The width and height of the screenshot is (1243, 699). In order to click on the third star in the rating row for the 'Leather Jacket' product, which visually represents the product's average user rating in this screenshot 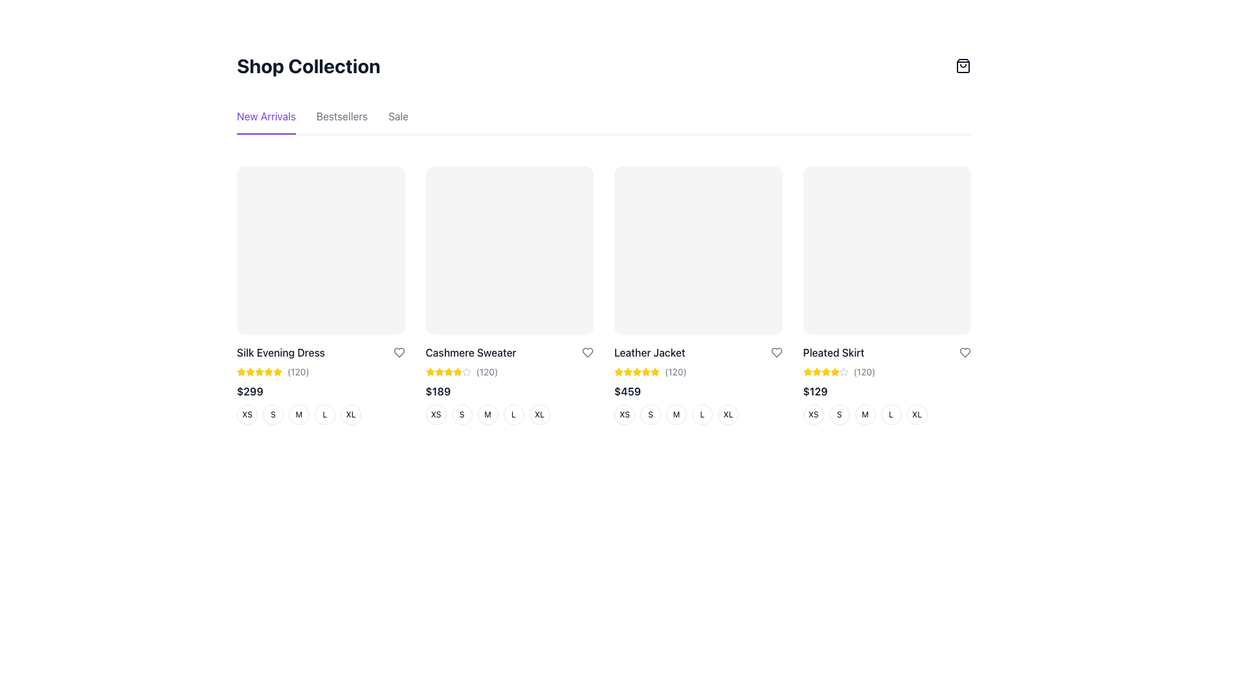, I will do `click(636, 372)`.